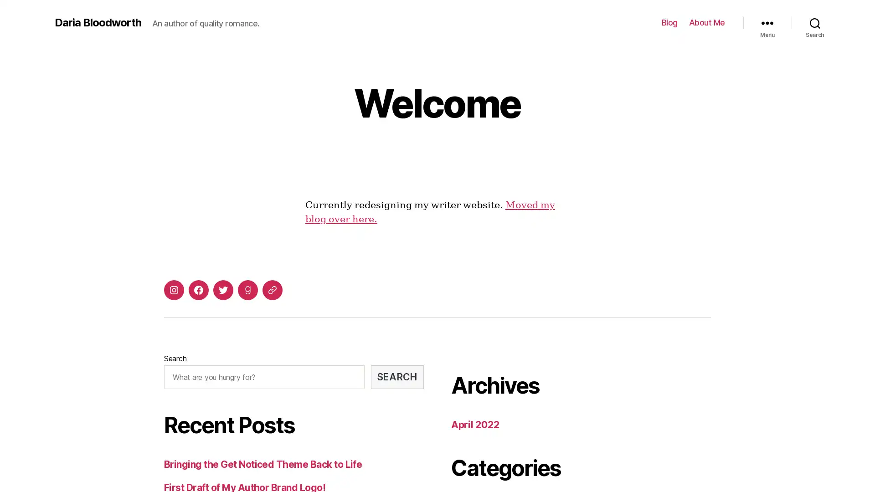 The height and width of the screenshot is (492, 875). I want to click on Menu, so click(767, 22).